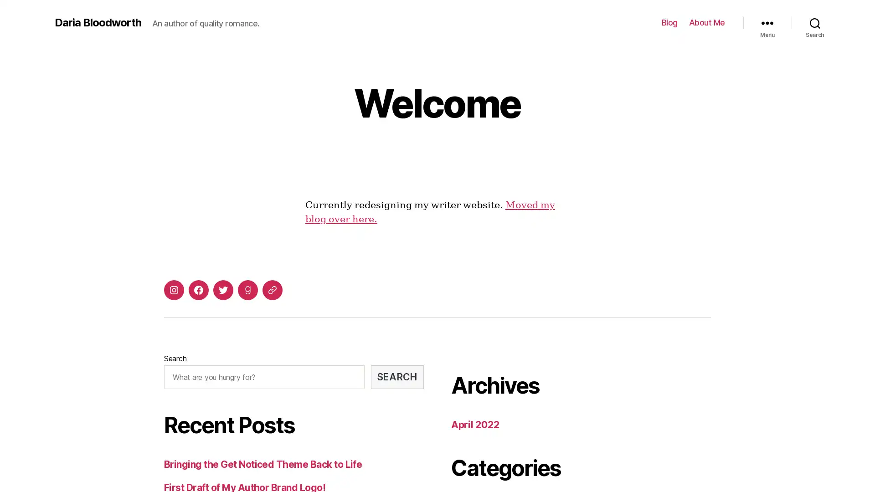 The height and width of the screenshot is (492, 875). I want to click on Menu, so click(767, 22).